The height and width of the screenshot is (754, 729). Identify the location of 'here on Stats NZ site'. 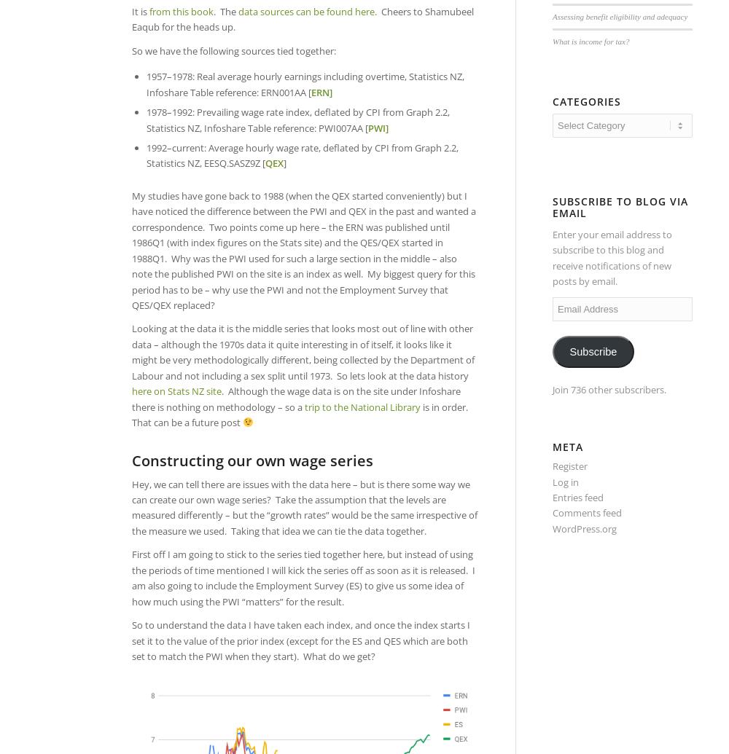
(176, 390).